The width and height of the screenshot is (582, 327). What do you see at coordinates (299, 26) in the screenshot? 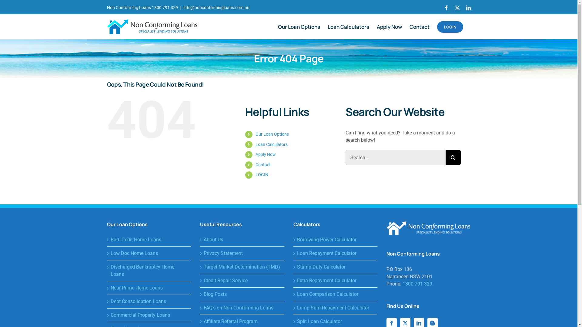
I see `'Our Loan Options'` at bounding box center [299, 26].